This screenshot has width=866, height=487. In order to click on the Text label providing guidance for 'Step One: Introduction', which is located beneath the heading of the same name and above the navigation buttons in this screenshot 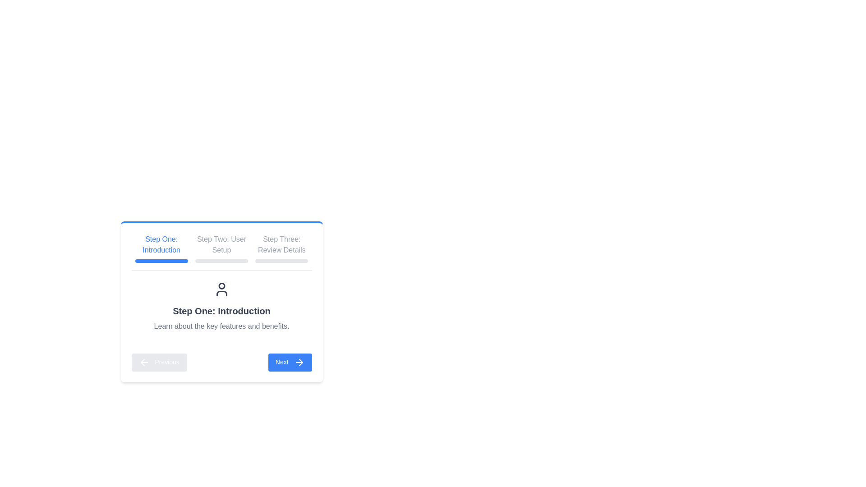, I will do `click(221, 326)`.